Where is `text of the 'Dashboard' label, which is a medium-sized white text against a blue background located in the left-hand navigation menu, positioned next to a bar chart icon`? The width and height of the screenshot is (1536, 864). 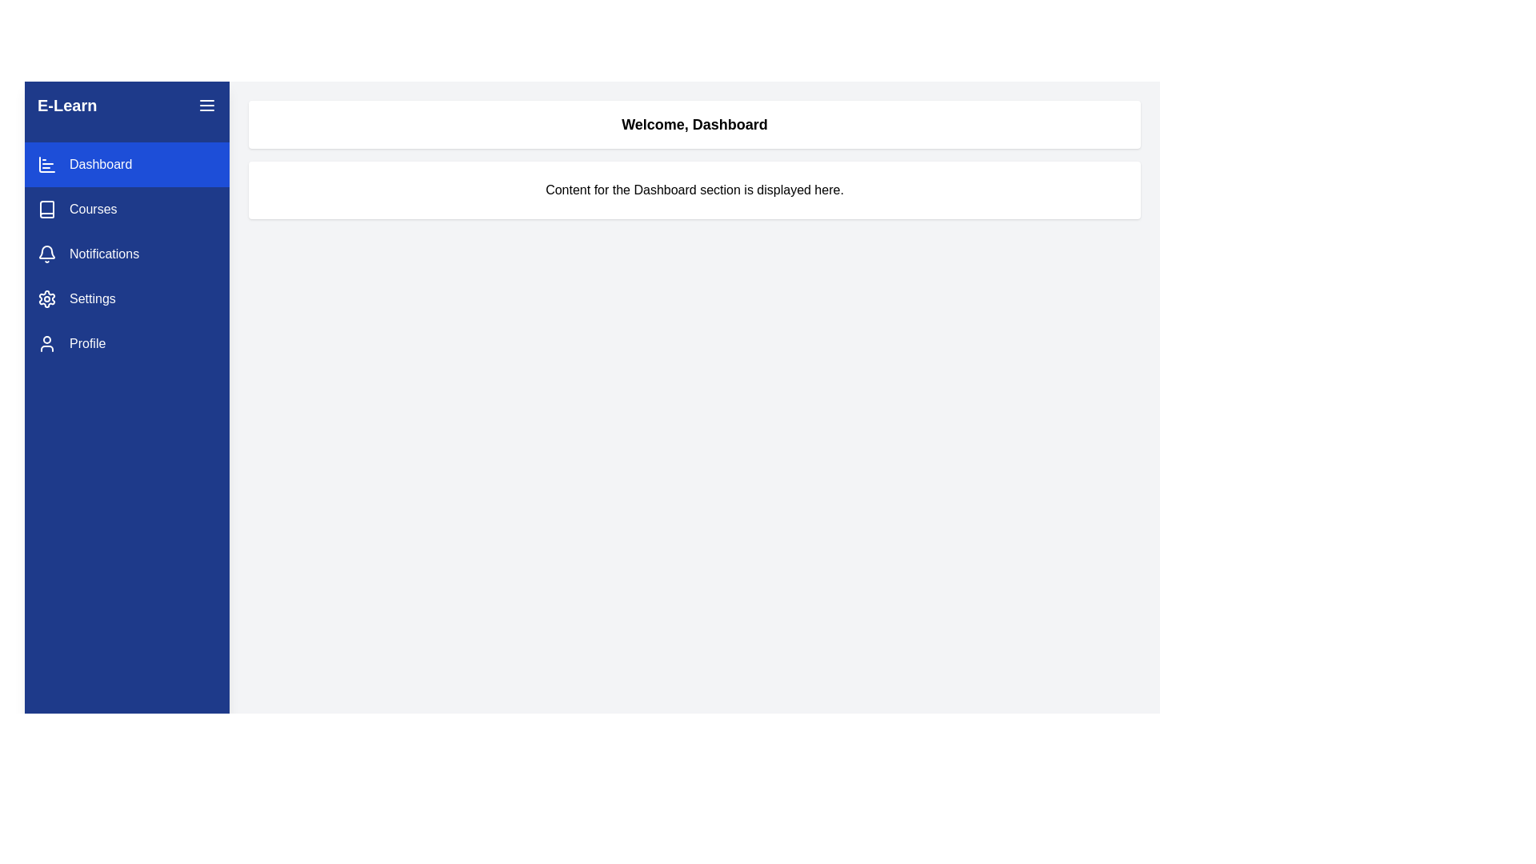 text of the 'Dashboard' label, which is a medium-sized white text against a blue background located in the left-hand navigation menu, positioned next to a bar chart icon is located at coordinates (100, 164).